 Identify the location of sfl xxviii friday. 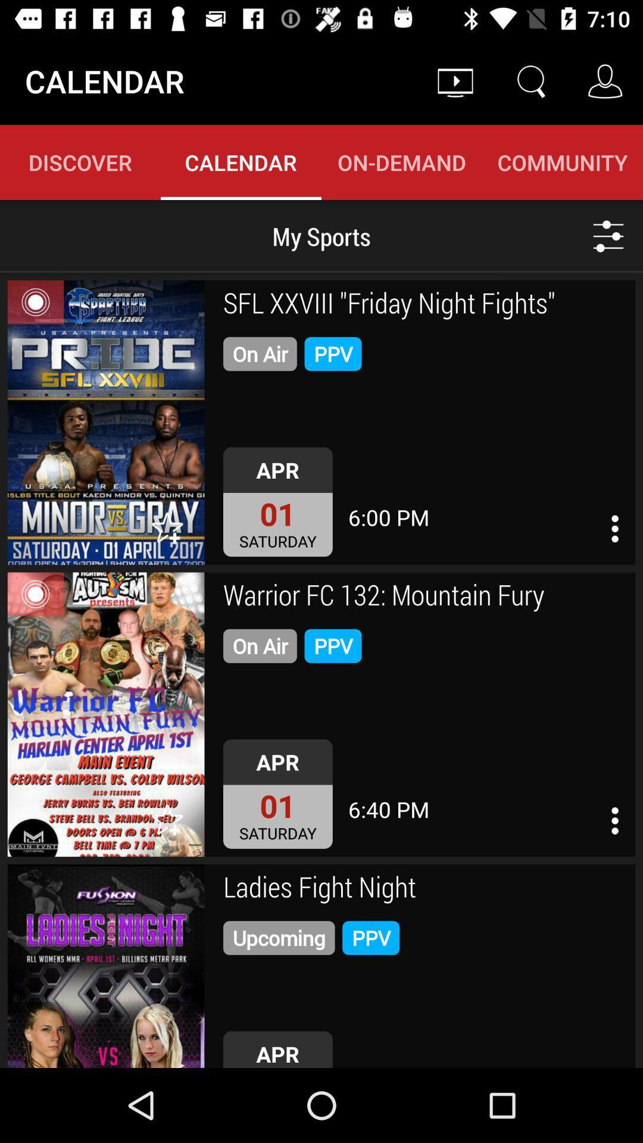
(424, 305).